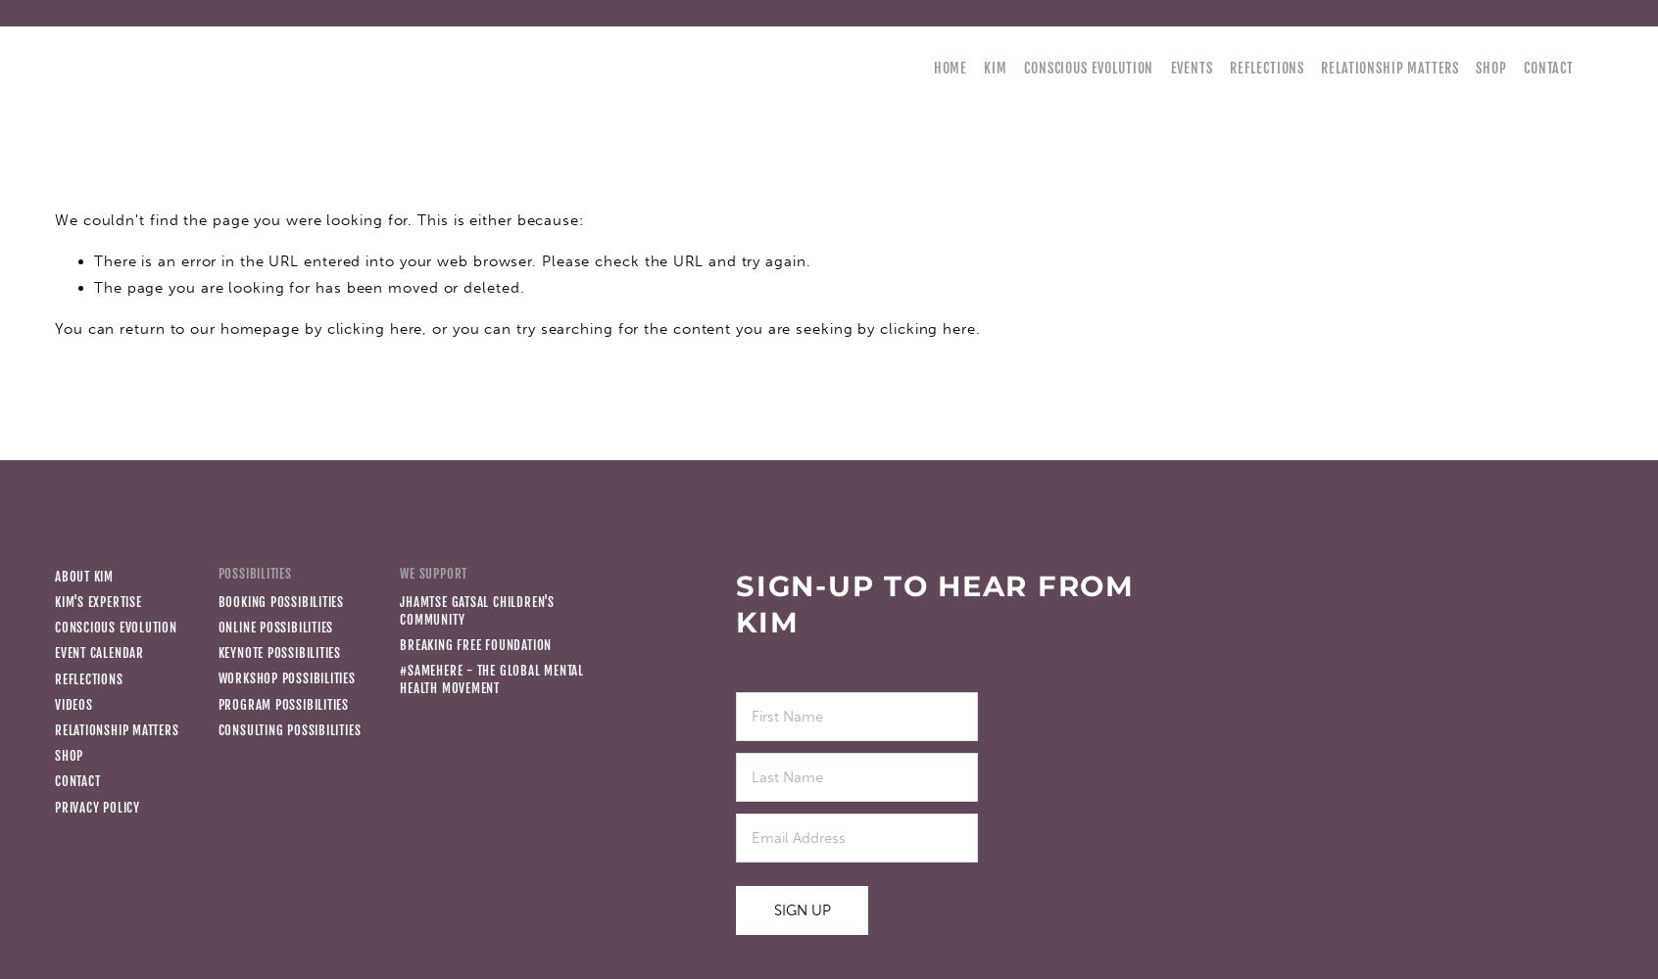 The image size is (1658, 979). I want to click on 'Possibilities', so click(254, 572).